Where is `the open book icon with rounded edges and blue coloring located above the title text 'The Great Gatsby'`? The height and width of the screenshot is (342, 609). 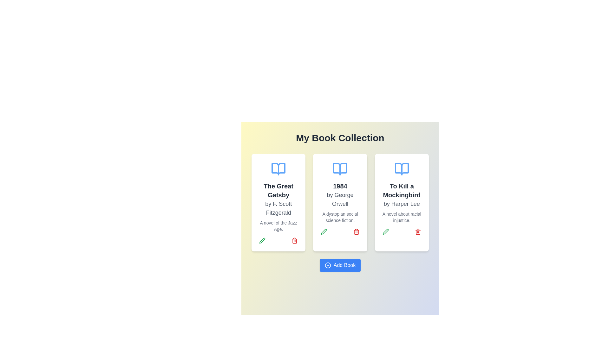
the open book icon with rounded edges and blue coloring located above the title text 'The Great Gatsby' is located at coordinates (278, 168).